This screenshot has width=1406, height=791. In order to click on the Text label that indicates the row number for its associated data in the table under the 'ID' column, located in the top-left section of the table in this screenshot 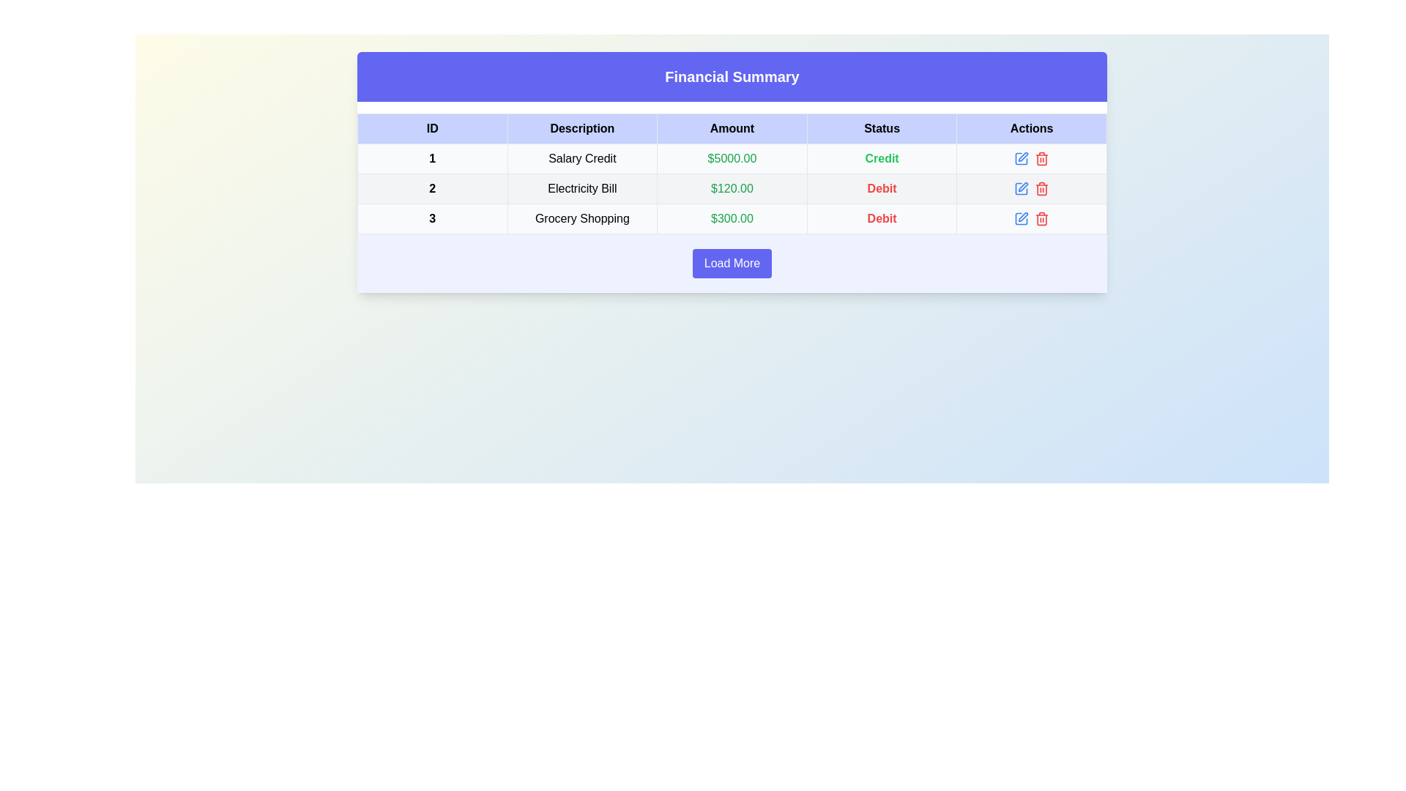, I will do `click(431, 188)`.